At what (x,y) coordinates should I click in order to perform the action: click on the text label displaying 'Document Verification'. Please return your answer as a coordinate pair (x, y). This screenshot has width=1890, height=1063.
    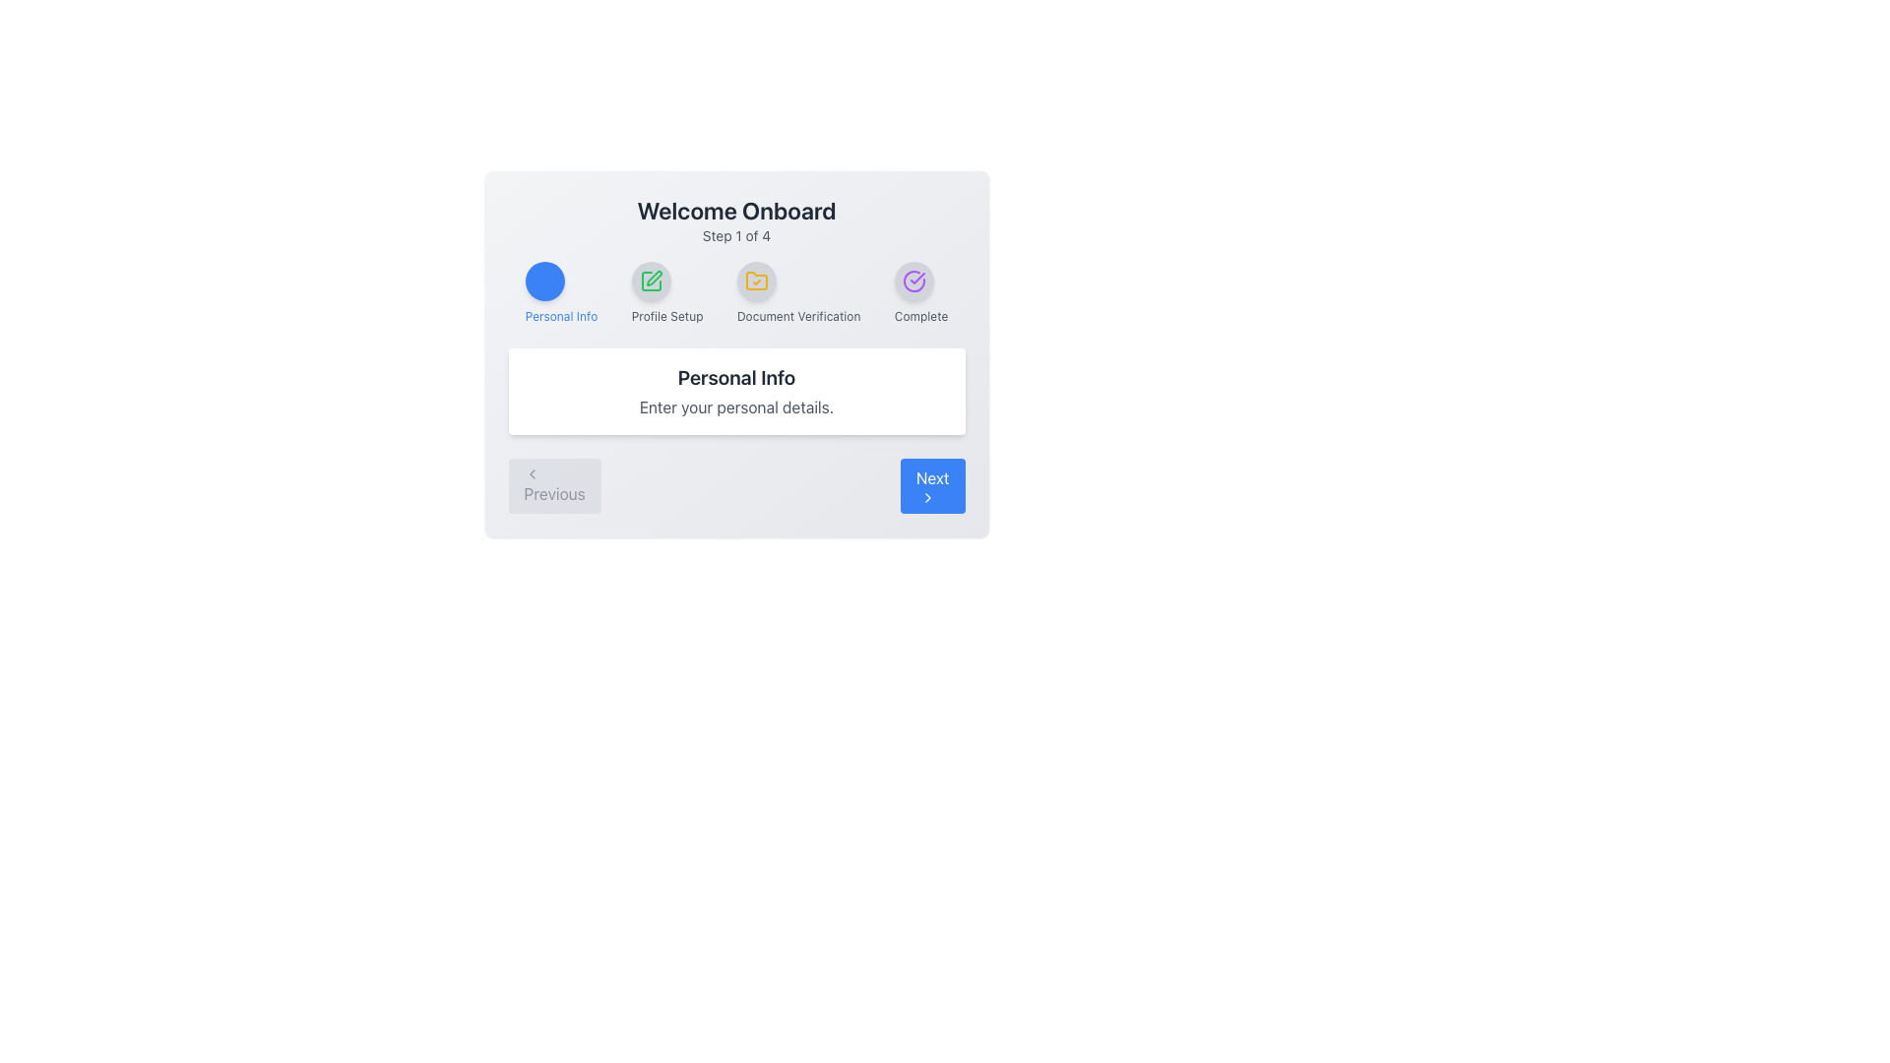
    Looking at the image, I should click on (798, 315).